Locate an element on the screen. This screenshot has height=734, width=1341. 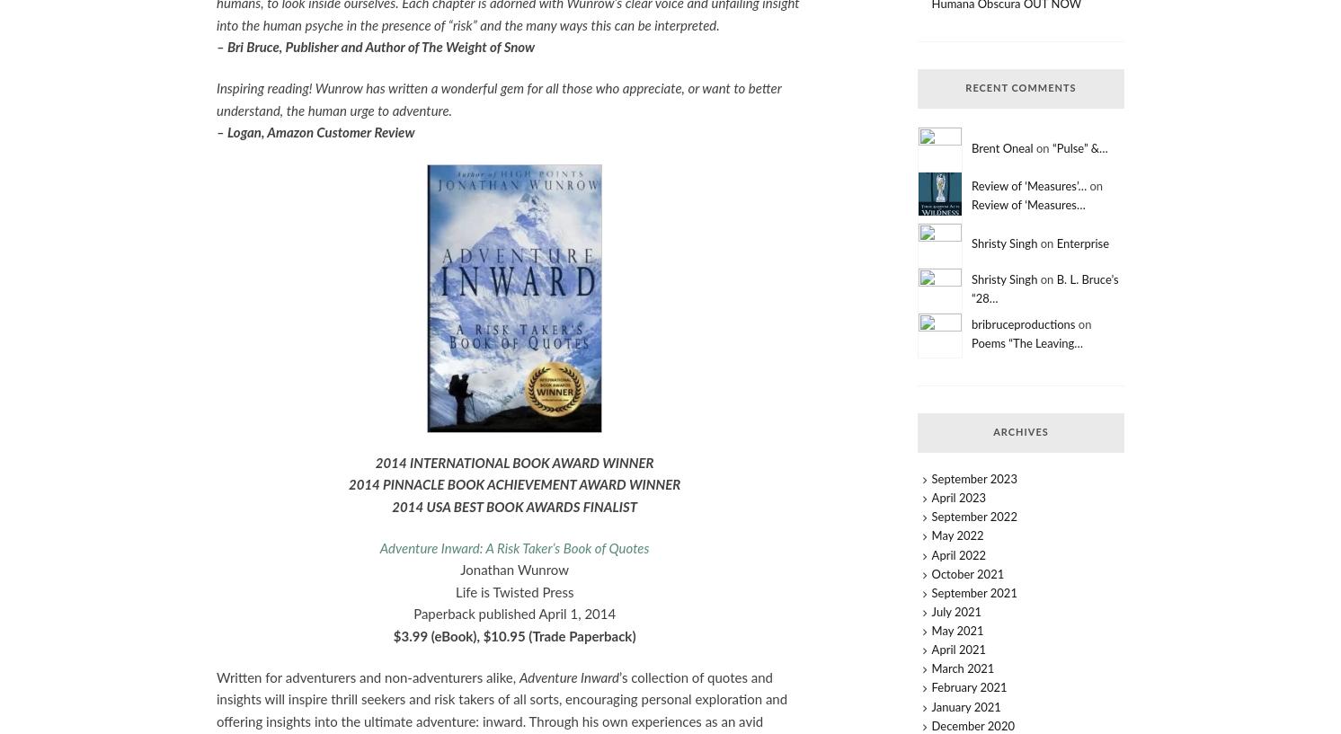
'May 2021' is located at coordinates (956, 631).